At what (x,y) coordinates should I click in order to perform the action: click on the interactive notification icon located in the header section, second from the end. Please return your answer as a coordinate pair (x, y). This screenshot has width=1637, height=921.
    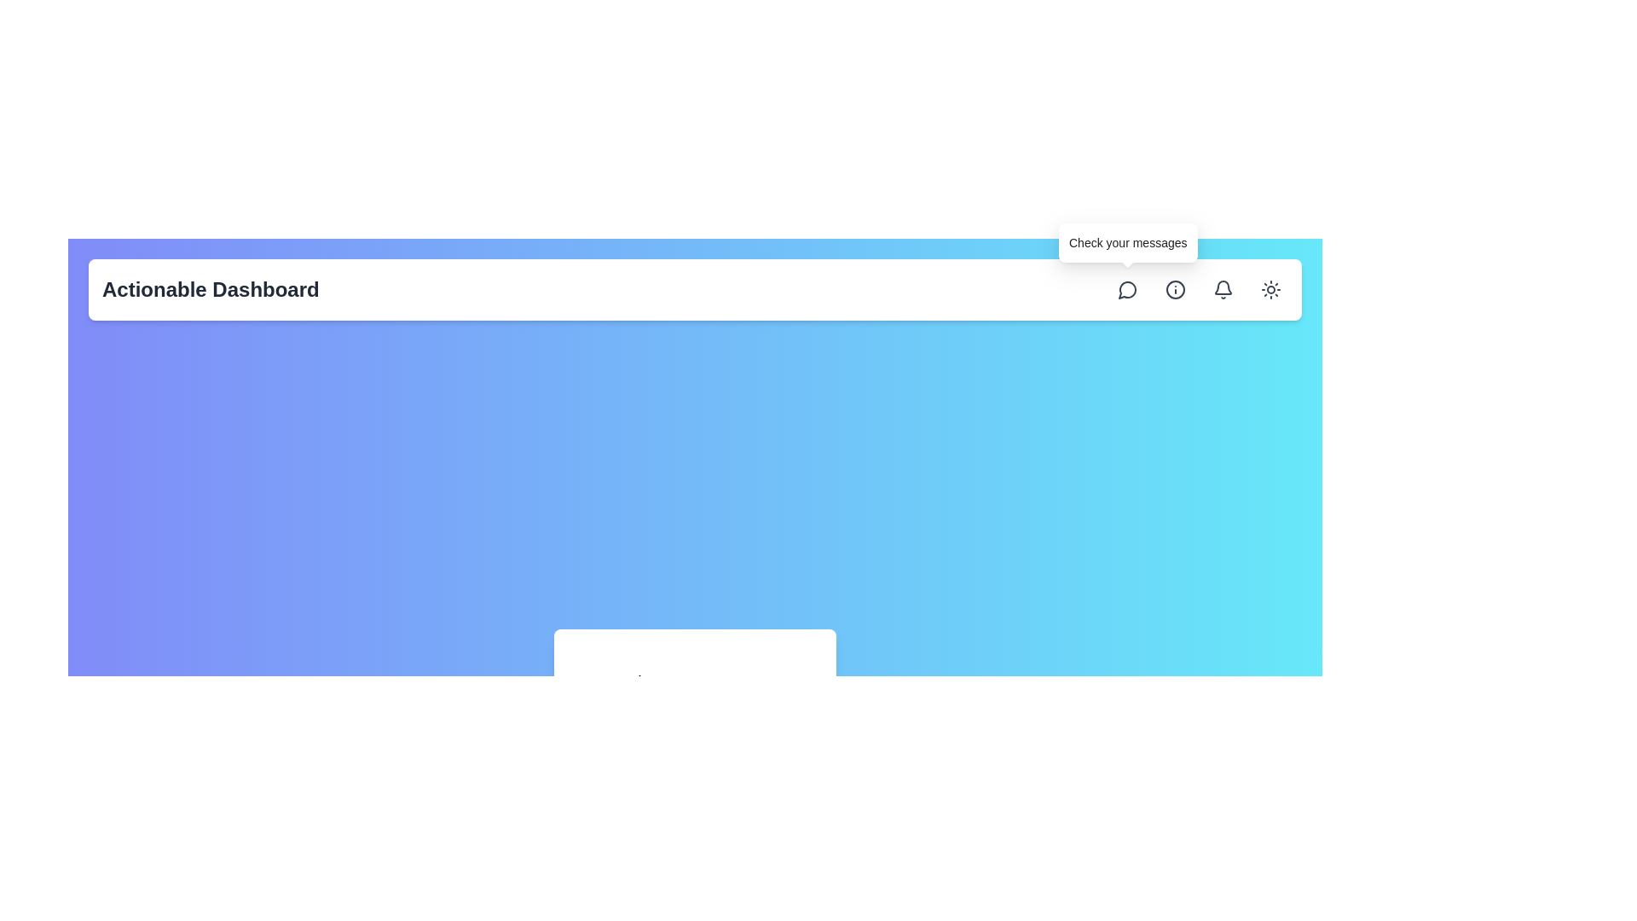
    Looking at the image, I should click on (1223, 288).